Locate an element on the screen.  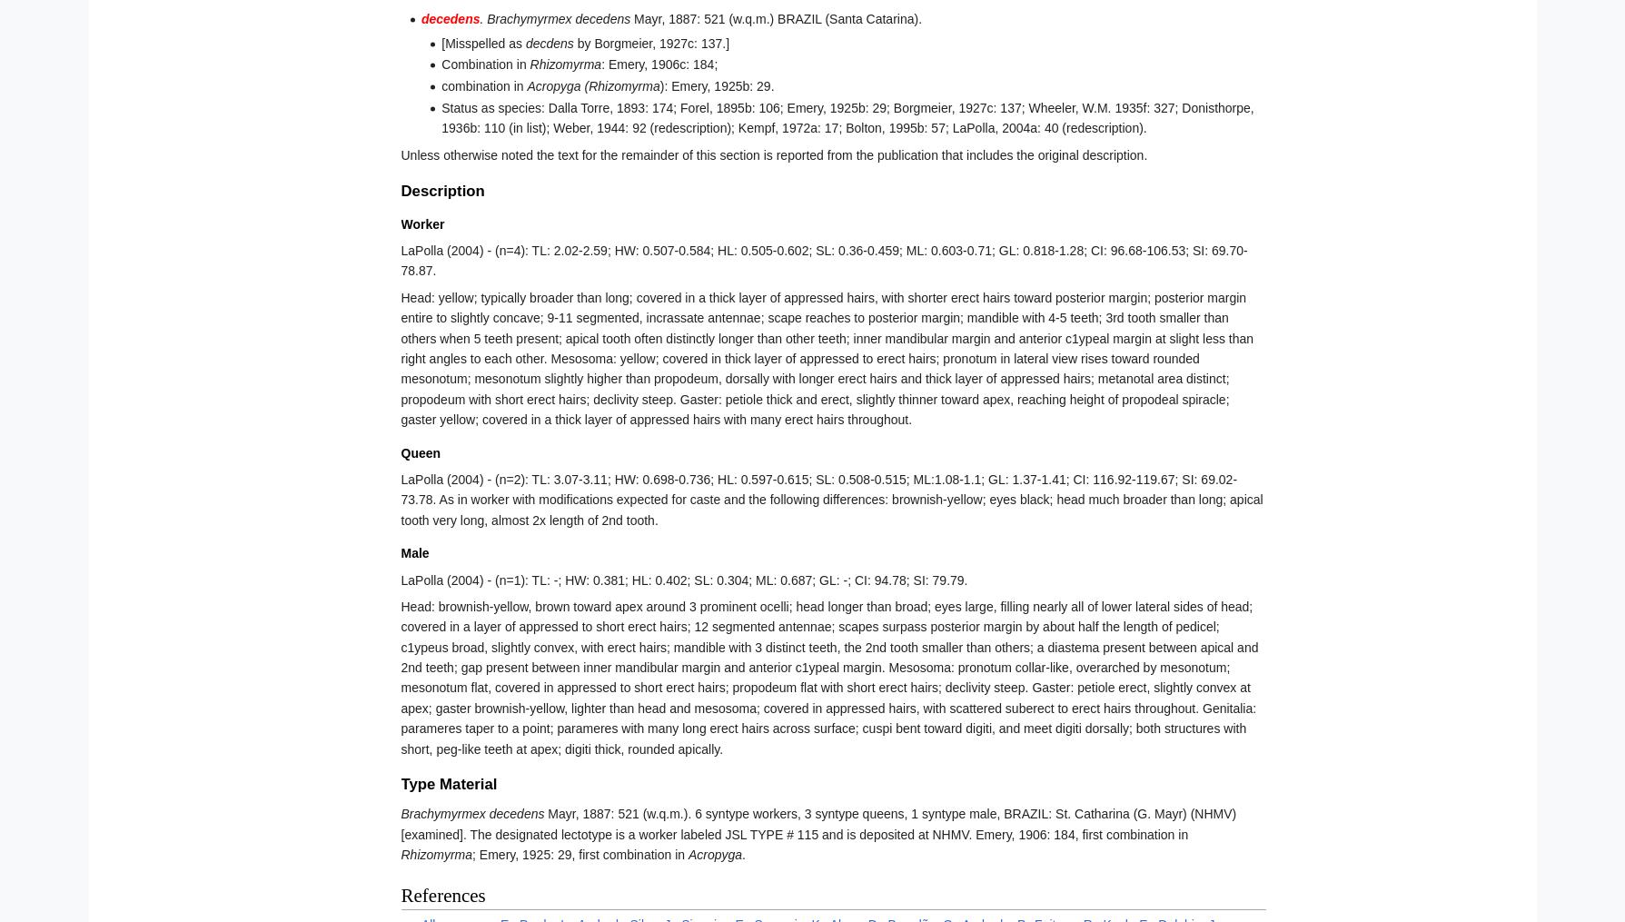
'Mayr, 1887: 521 (w.q.m.). 6 syntype workers, 3 syntype queens, 1 syntype male, BRAZIL: St. Catharina (G. Mayr) (NHMV) [examined]. The designated lectotype is a worker labeled JSL TYPE # 115 and is deposited at NHMV. Emery, 1906: 184, first combination in' is located at coordinates (399, 823).